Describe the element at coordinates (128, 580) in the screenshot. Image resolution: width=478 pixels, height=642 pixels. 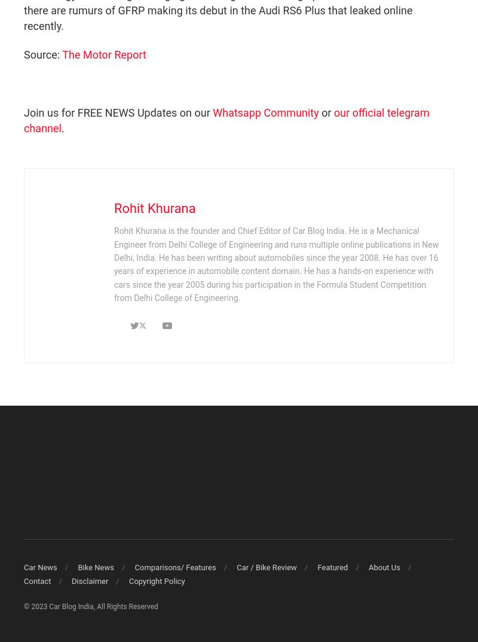
I see `'Copyright Policy'` at that location.